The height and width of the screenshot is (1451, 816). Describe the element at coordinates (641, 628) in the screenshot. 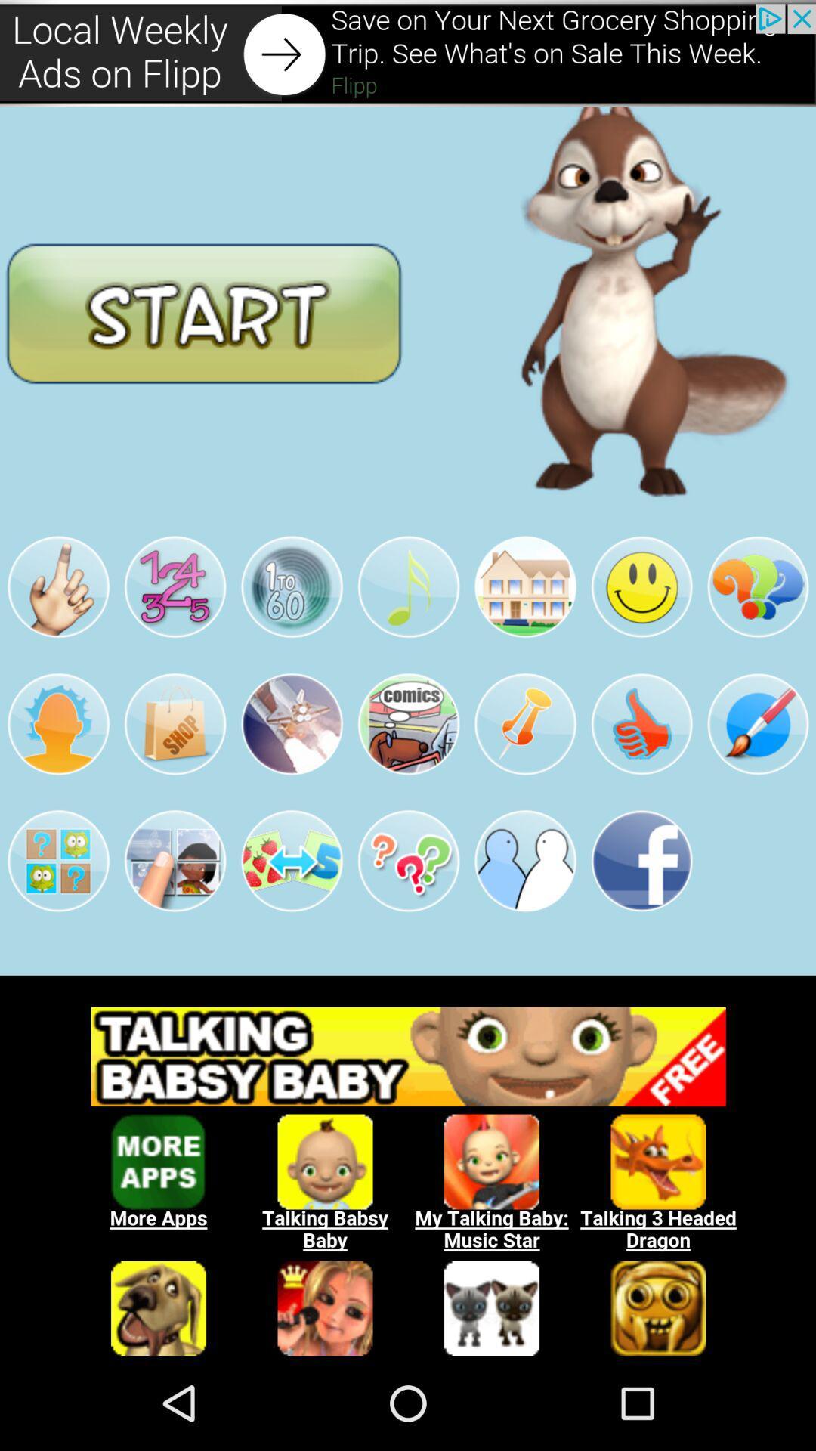

I see `the emoji icon` at that location.